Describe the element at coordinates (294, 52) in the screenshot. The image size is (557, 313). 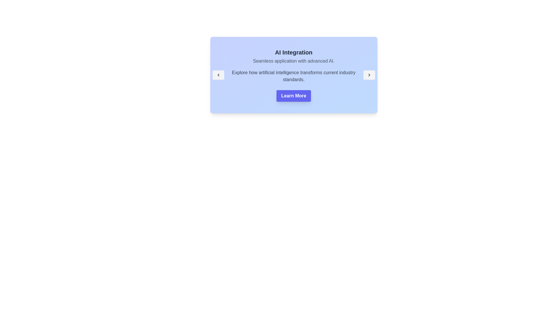
I see `the bold, extra-large text element reading 'AI Integration' which is styled in dark gray and centered at the top of a section with a light blue background` at that location.